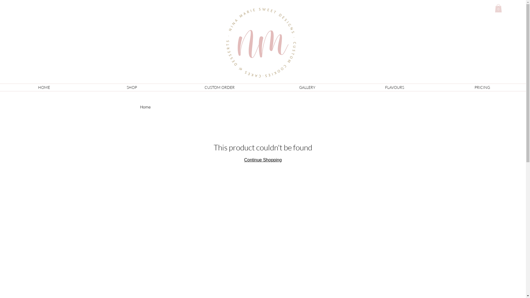  Describe the element at coordinates (43, 87) in the screenshot. I see `'HOME'` at that location.